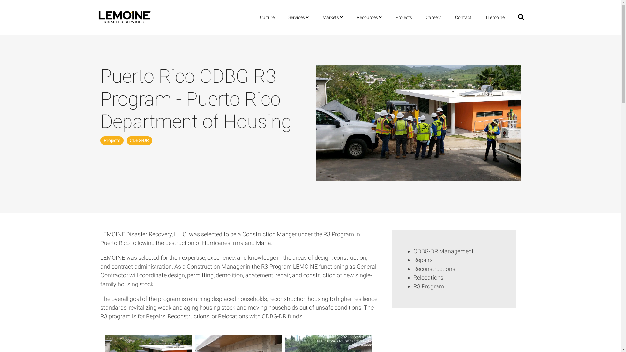 The width and height of the screenshot is (626, 352). I want to click on '1Lemoine', so click(495, 17).